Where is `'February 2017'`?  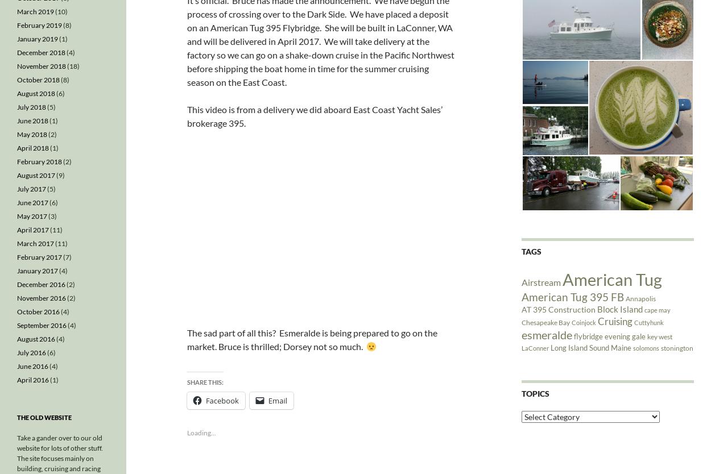 'February 2017' is located at coordinates (39, 257).